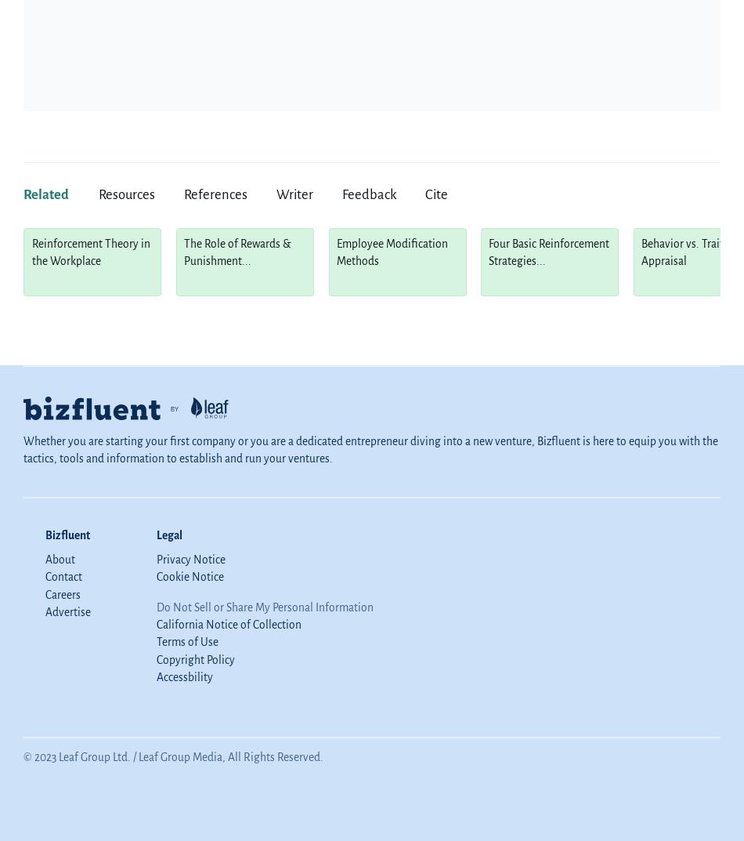 The height and width of the screenshot is (841, 744). I want to click on 'Four Basic Reinforcement Strategies...', so click(488, 252).